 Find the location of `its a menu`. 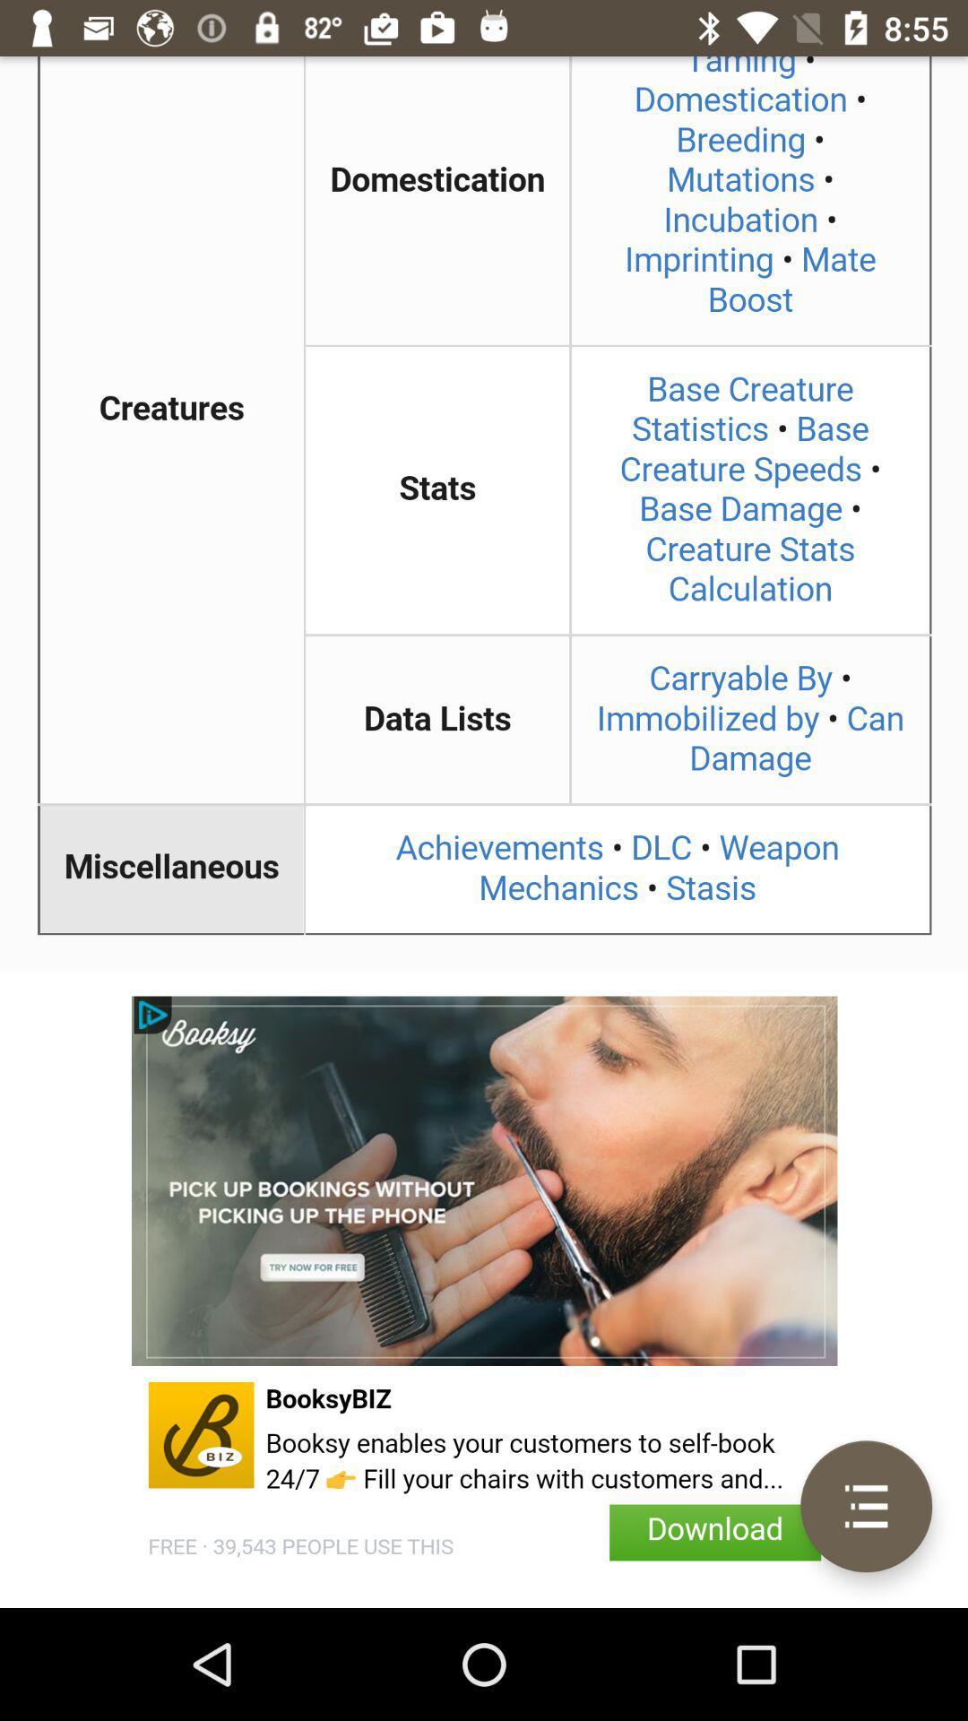

its a menu is located at coordinates (865, 1506).